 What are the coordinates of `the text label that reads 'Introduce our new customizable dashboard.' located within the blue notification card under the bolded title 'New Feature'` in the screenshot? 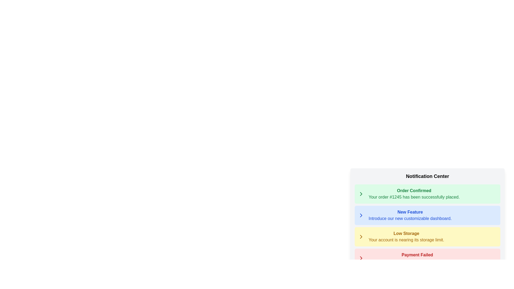 It's located at (410, 219).